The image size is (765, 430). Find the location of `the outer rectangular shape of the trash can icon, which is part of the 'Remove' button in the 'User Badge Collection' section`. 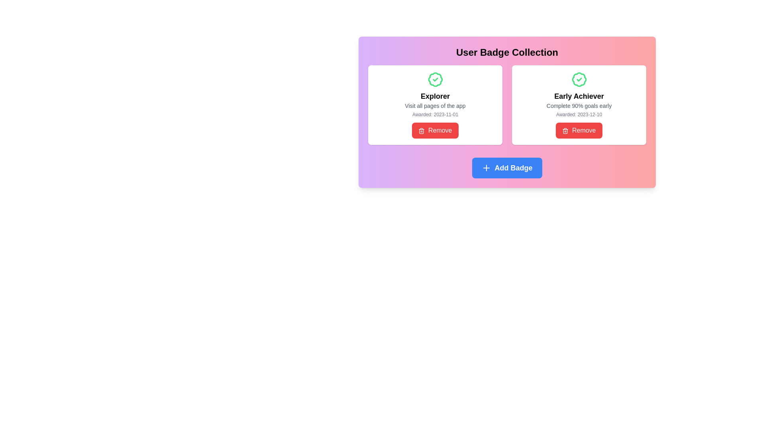

the outer rectangular shape of the trash can icon, which is part of the 'Remove' button in the 'User Badge Collection' section is located at coordinates (421, 131).